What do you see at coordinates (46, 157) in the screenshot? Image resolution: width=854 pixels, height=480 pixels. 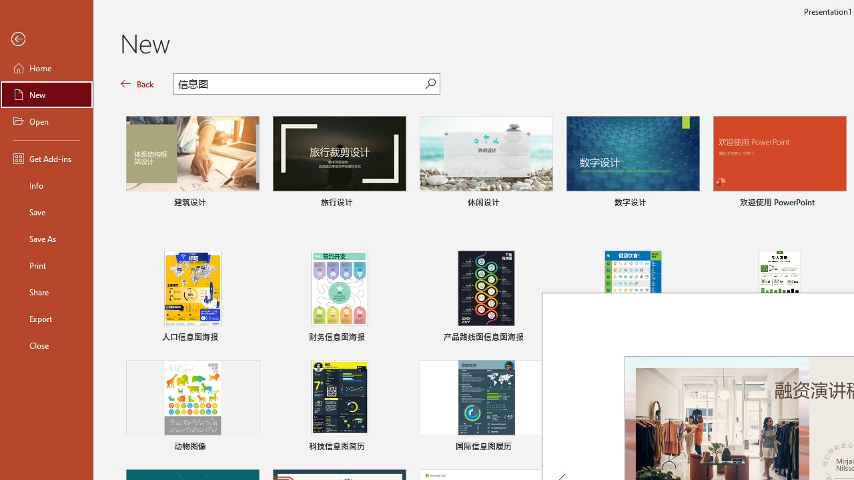 I see `'Get Add-ins'` at bounding box center [46, 157].